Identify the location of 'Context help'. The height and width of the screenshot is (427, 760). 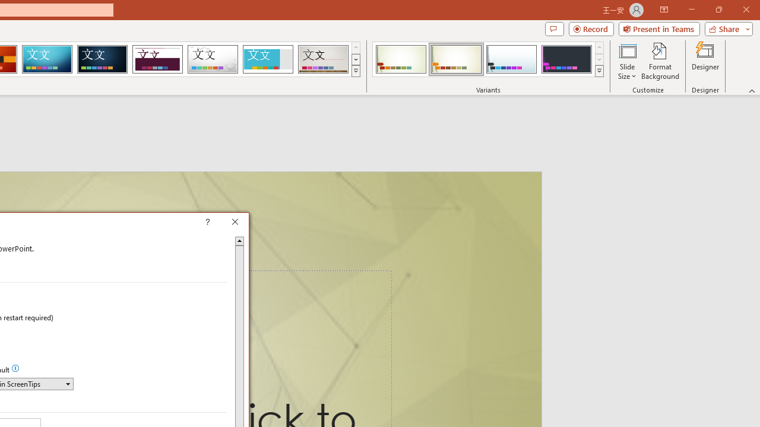
(224, 223).